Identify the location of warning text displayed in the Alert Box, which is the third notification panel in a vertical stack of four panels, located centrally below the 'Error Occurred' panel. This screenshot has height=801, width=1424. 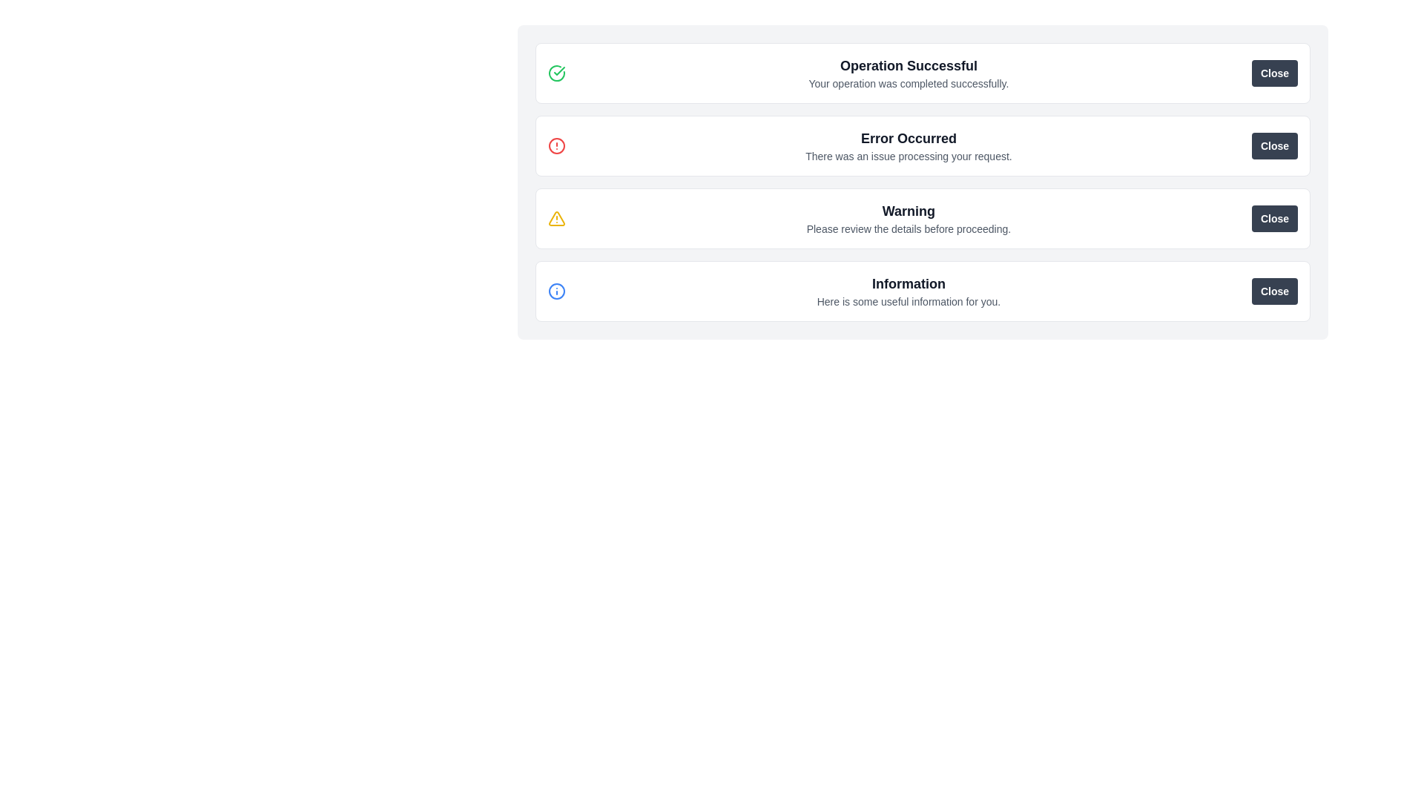
(922, 218).